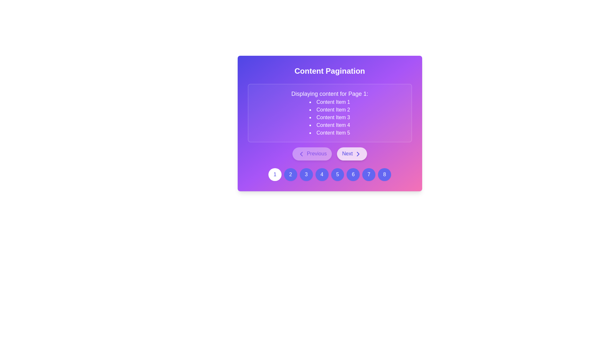 This screenshot has width=615, height=346. I want to click on the 'Next' button, which contains a chevron icon for navigation to the next page or content section, so click(357, 154).